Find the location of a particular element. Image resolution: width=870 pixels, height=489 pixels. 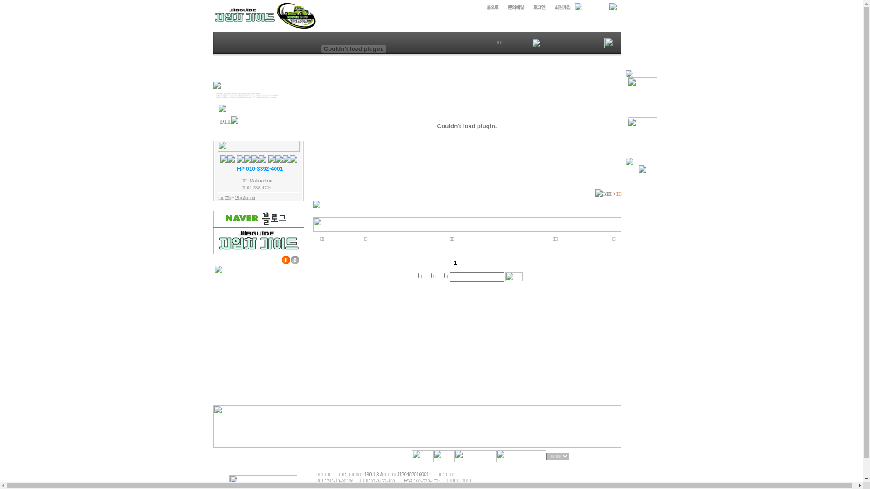

'2' is located at coordinates (425, 275).